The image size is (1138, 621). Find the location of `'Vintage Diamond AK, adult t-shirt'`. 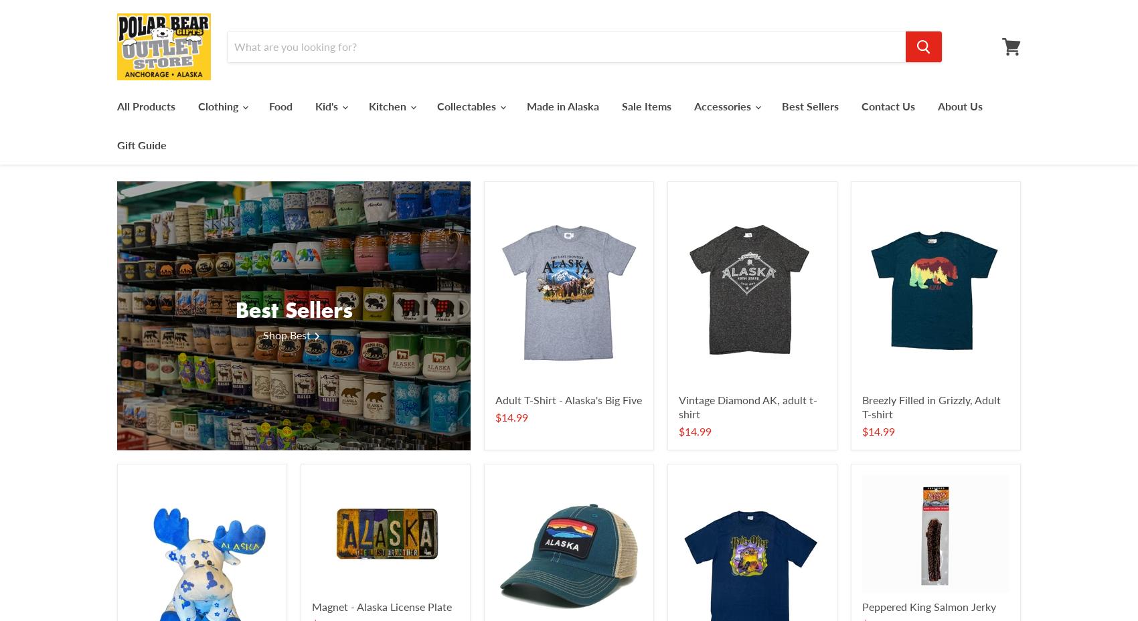

'Vintage Diamond AK, adult t-shirt' is located at coordinates (748, 406).